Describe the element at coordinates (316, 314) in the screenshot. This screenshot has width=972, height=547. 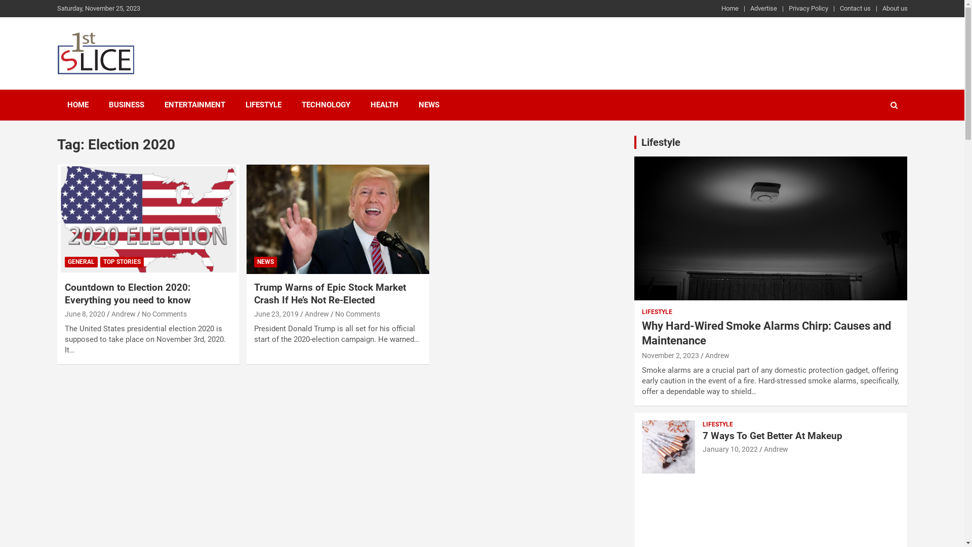
I see `'Andrew'` at that location.